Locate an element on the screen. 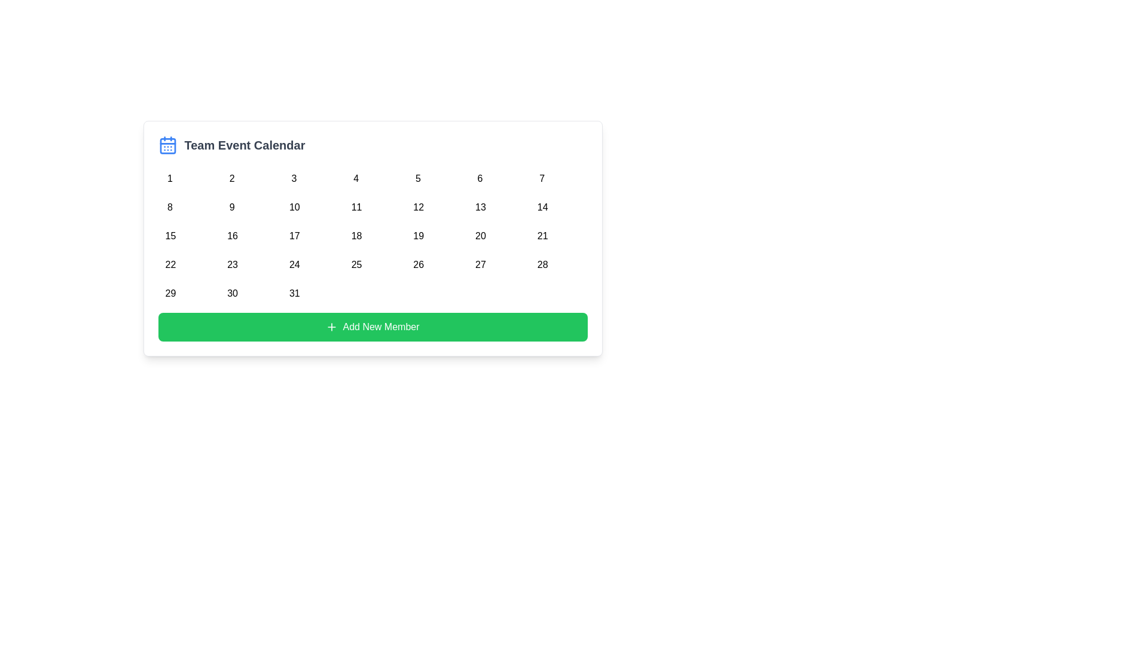 This screenshot has height=646, width=1148. the square button labeled '5' in the first row and fifth column of the grid in the 'Team Event Calendar' is located at coordinates (418, 176).